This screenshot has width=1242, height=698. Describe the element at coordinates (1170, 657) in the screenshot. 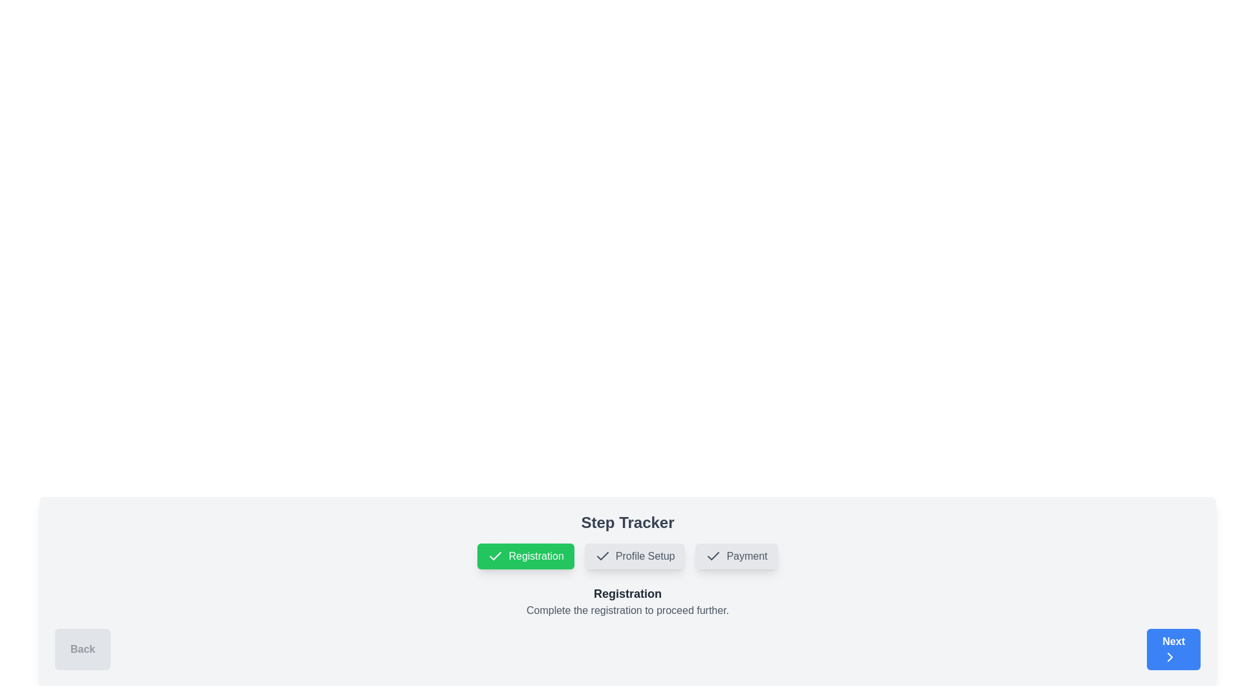

I see `the chevron icon within the 'Next' button located in the lower-right corner of the interface` at that location.